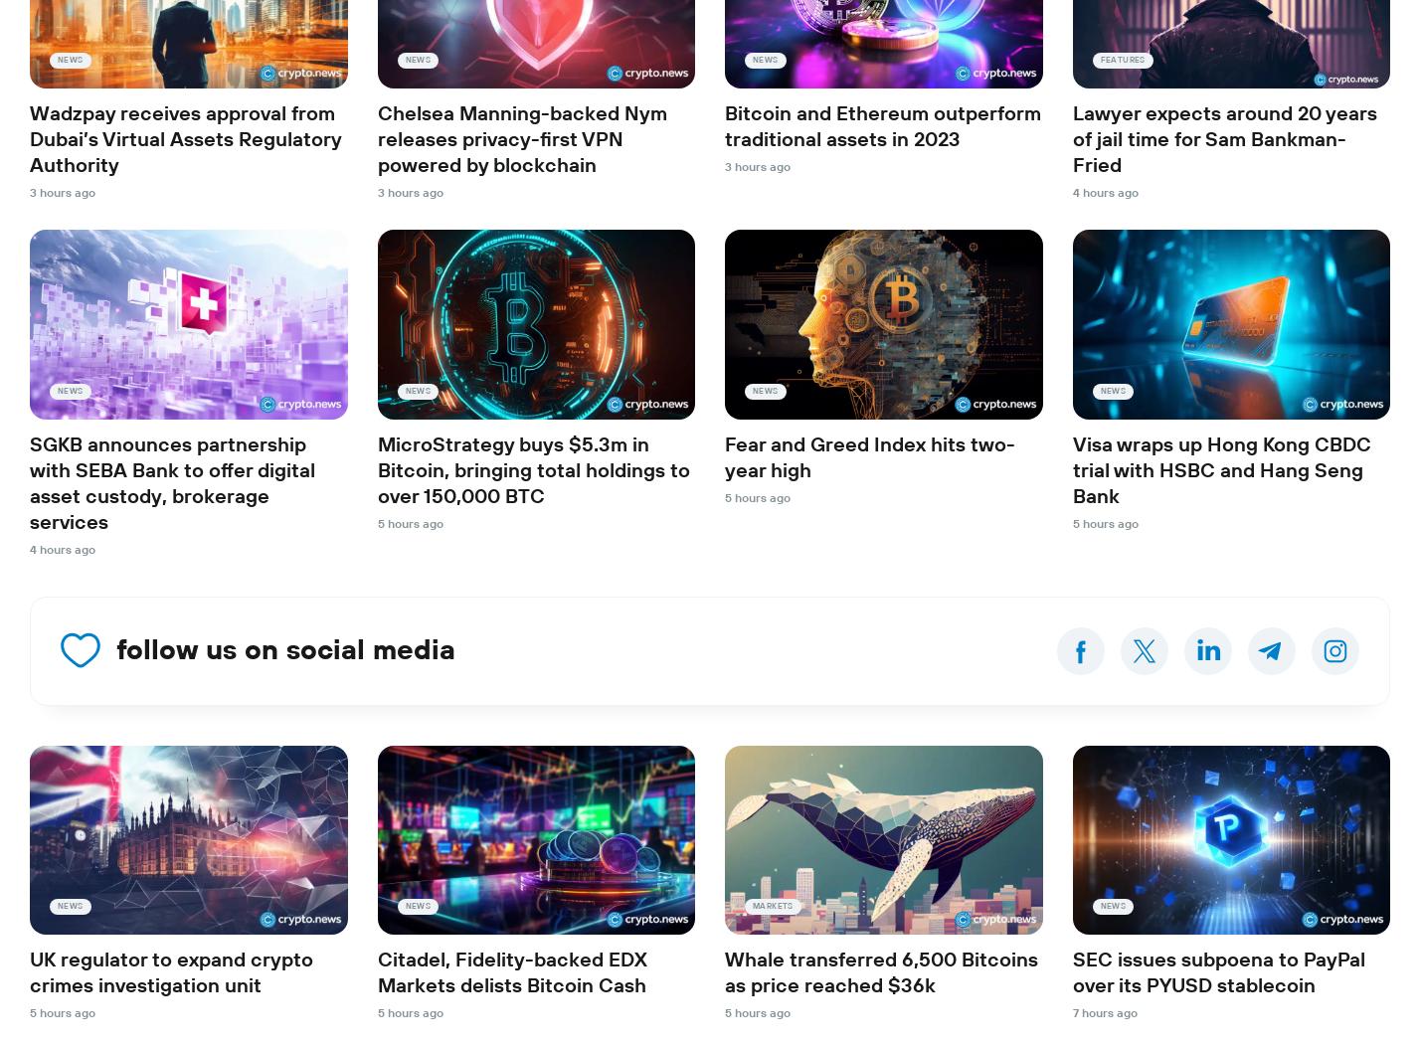 The image size is (1420, 1048). Describe the element at coordinates (521, 140) in the screenshot. I see `'Chelsea Manning-backed Nym releases privacy-first VPN powered by blockchain'` at that location.